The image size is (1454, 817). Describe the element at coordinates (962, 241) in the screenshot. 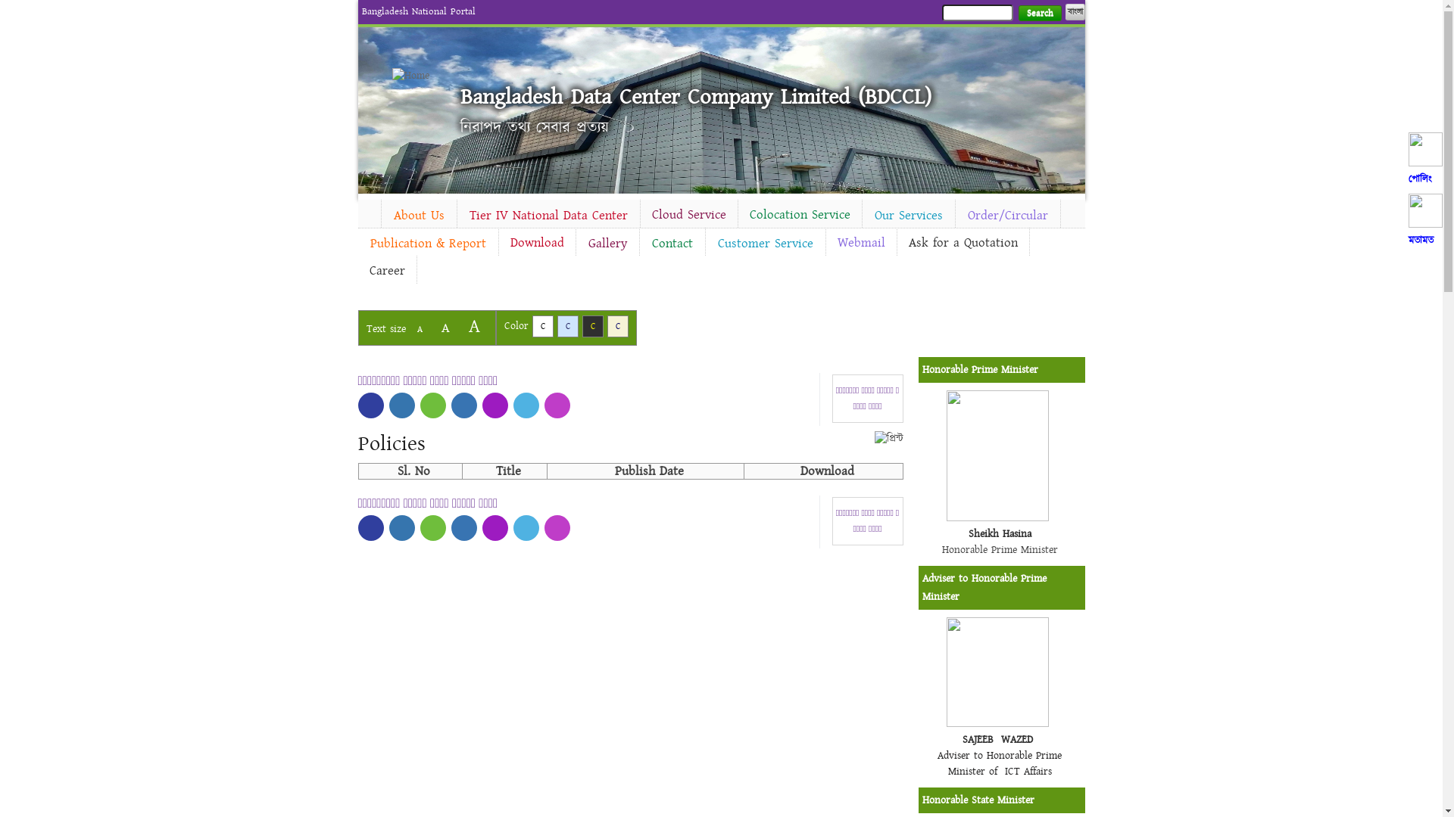

I see `'Ask for a Quotation'` at that location.